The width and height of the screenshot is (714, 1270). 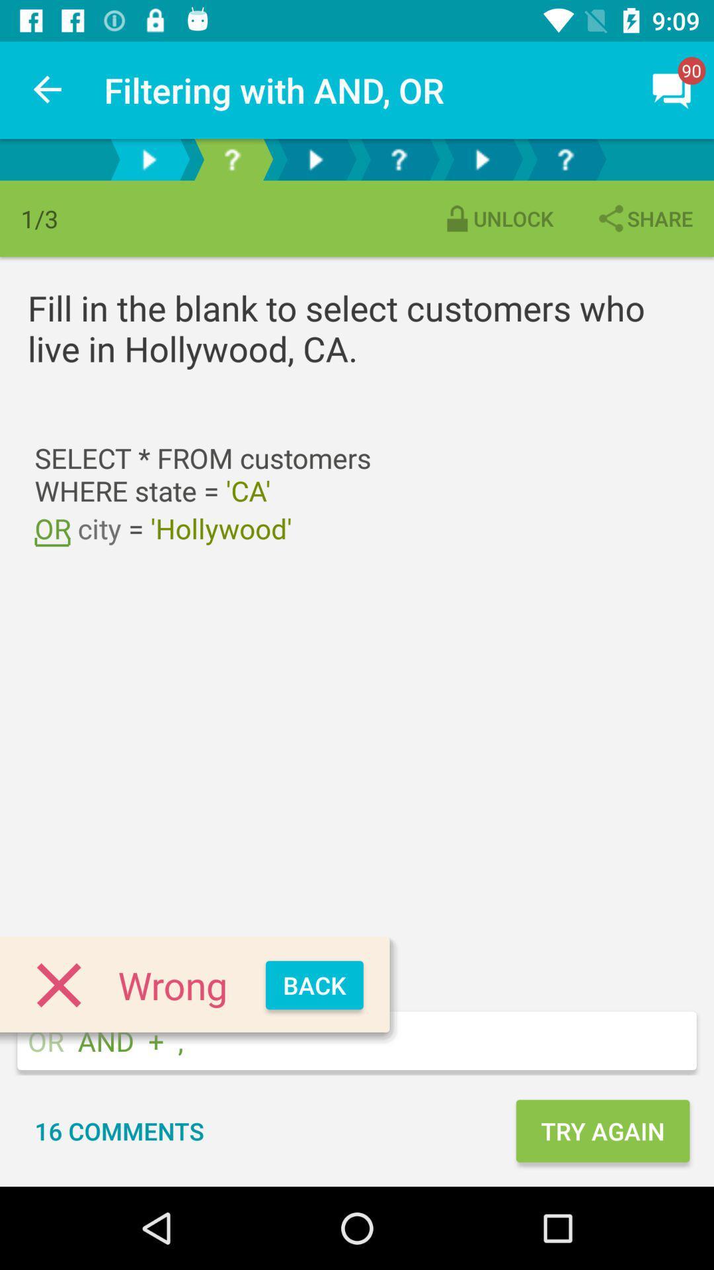 I want to click on page 4, so click(x=397, y=159).